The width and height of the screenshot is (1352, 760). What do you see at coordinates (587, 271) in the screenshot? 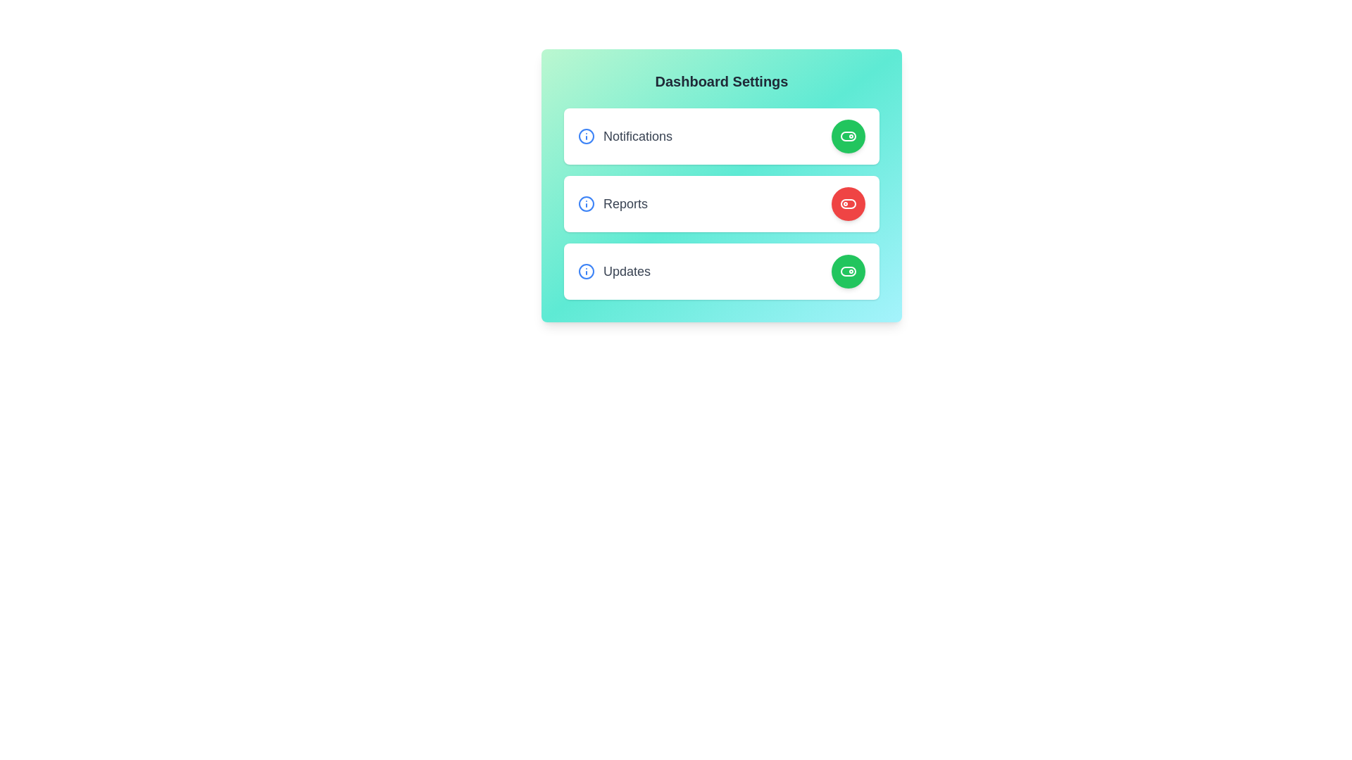
I see `information icon for the Updates setting` at bounding box center [587, 271].